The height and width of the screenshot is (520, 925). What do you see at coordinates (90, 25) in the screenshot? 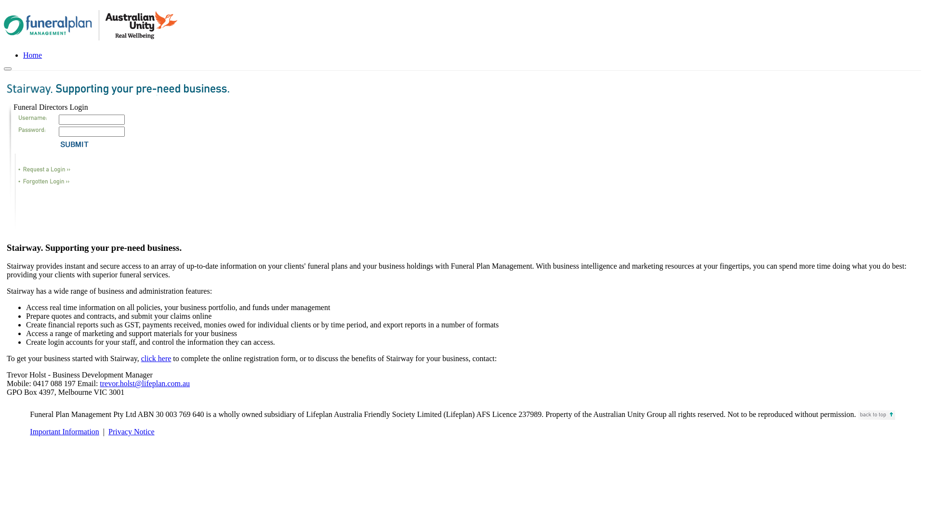
I see `'Funeral Plan'` at bounding box center [90, 25].